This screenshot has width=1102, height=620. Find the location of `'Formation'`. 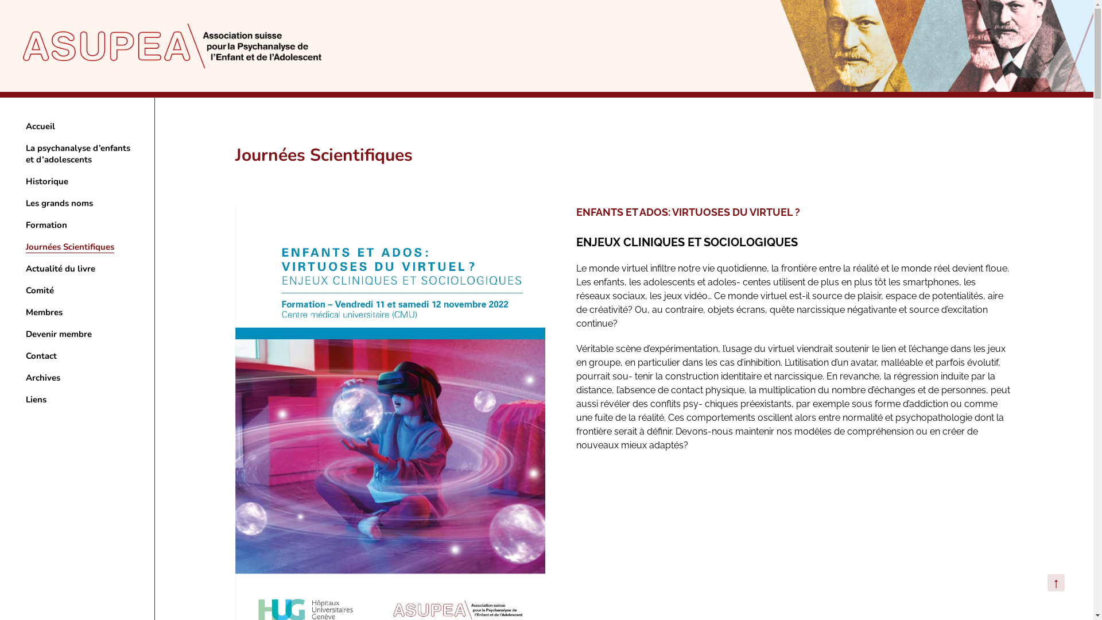

'Formation' is located at coordinates (25, 225).